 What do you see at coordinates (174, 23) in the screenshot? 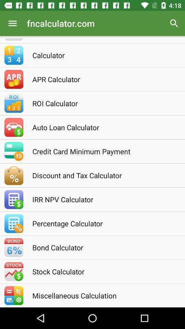
I see `the item above the calculator icon` at bounding box center [174, 23].